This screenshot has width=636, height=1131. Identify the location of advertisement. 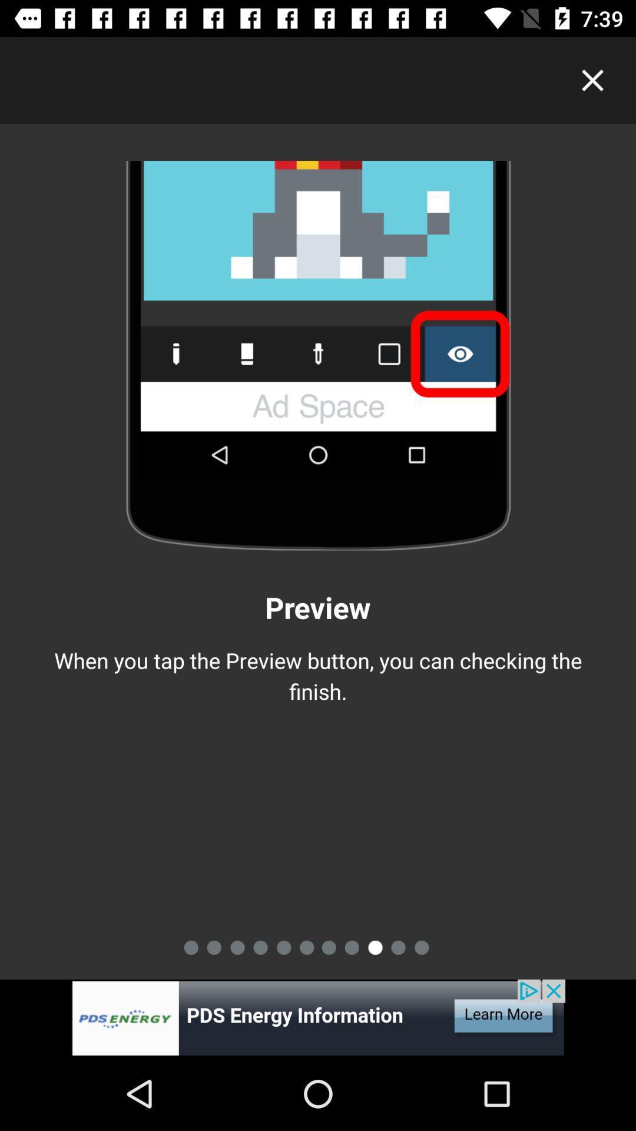
(318, 1017).